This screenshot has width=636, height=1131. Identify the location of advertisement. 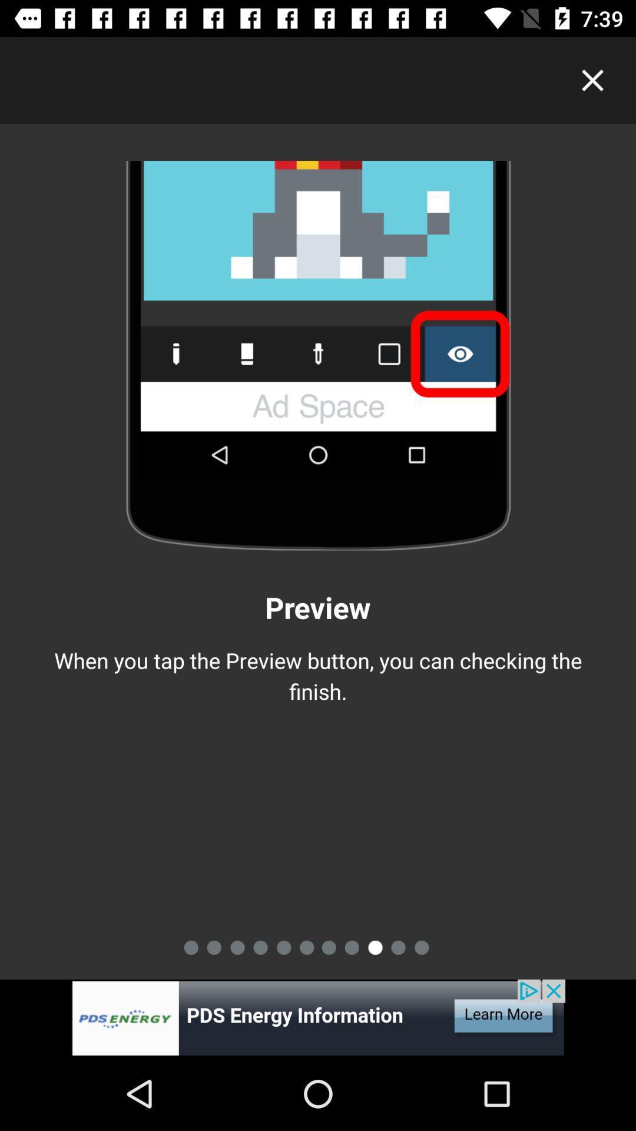
(318, 1017).